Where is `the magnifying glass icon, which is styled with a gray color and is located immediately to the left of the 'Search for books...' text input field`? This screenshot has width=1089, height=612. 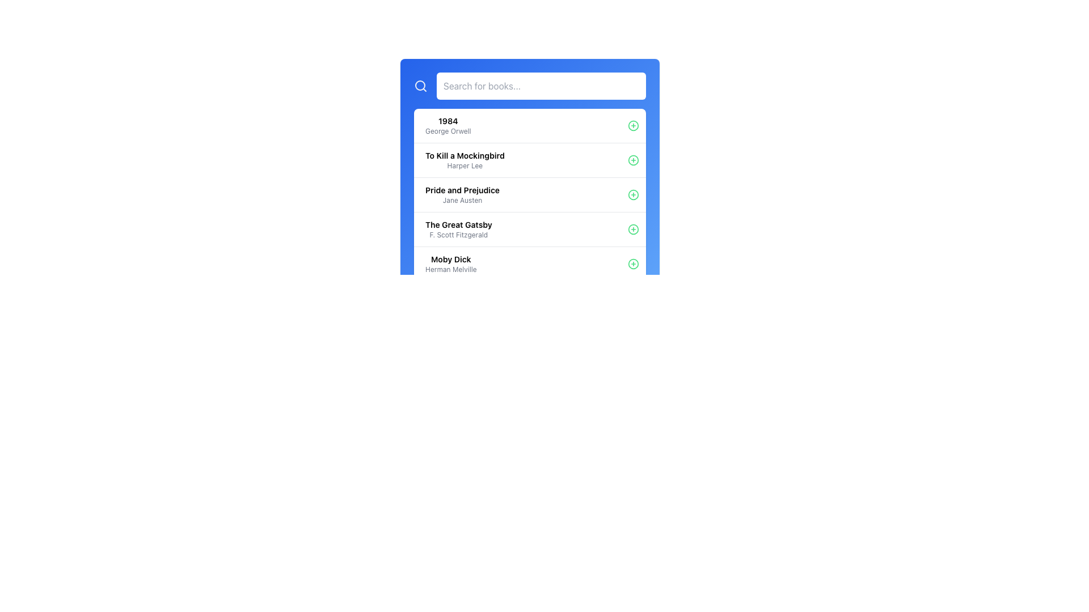
the magnifying glass icon, which is styled with a gray color and is located immediately to the left of the 'Search for books...' text input field is located at coordinates (420, 85).